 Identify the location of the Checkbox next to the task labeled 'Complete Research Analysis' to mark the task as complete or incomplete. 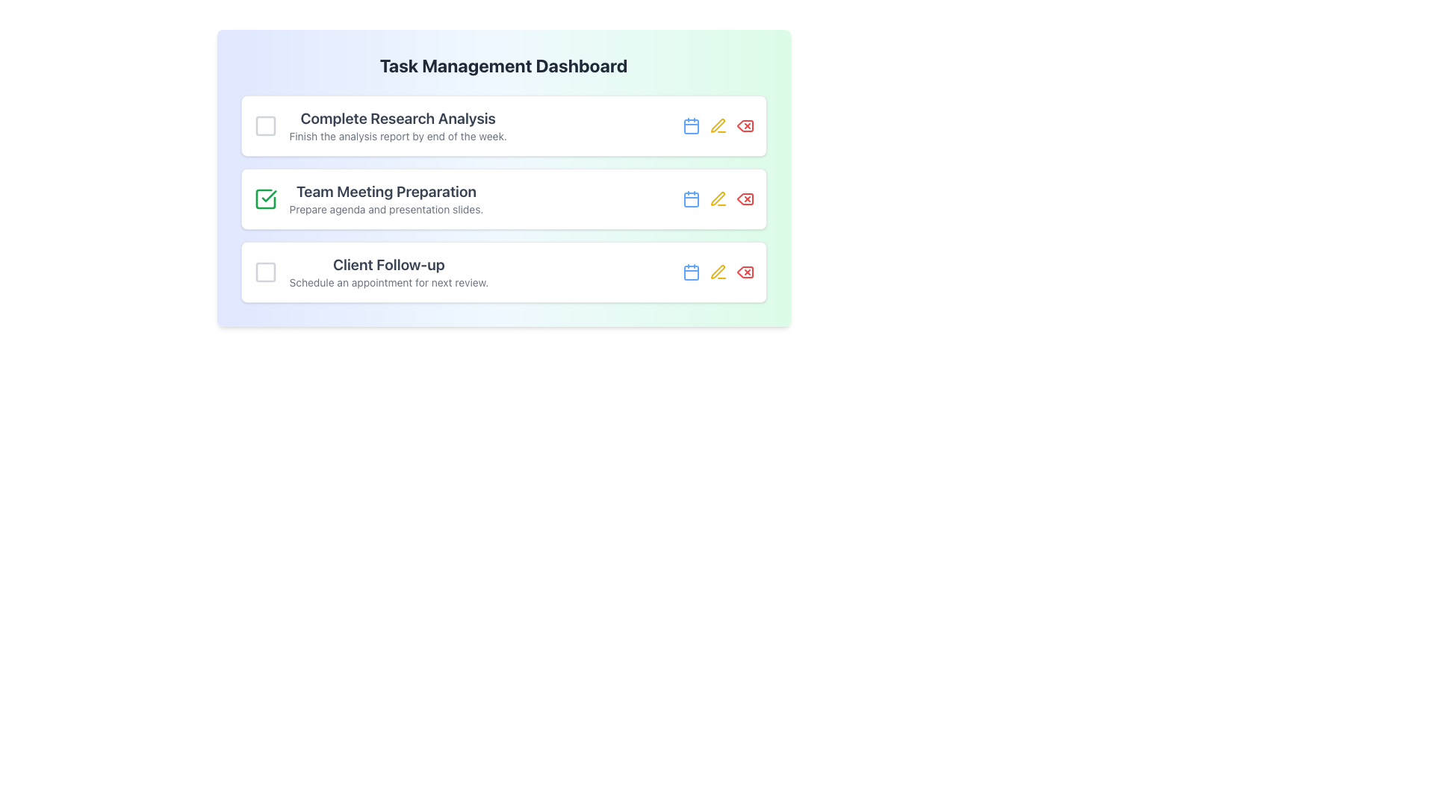
(265, 125).